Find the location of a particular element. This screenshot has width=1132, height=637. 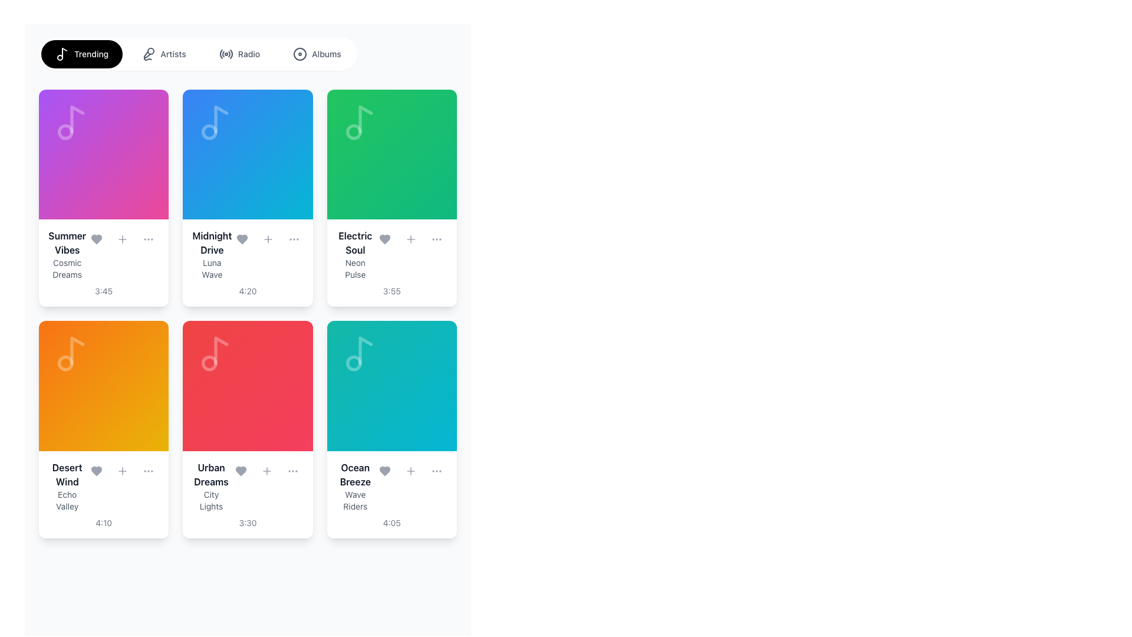

the 'like' icon button within the card labeled 'Urban Dreams' is located at coordinates (240, 470).